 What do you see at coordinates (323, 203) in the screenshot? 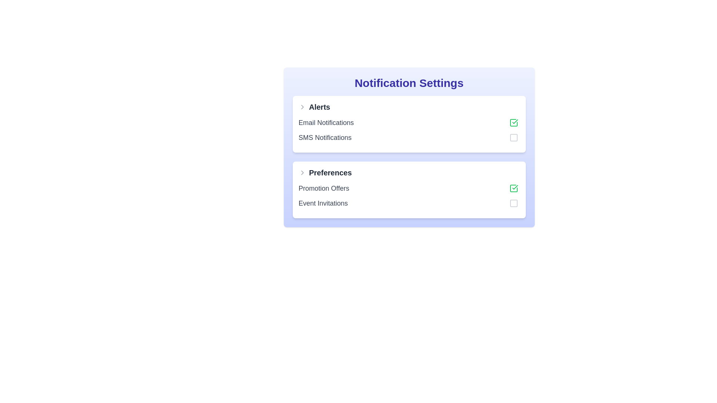
I see `the static text label that reads 'Event Invitations', which is styled with a medium-large gray font and is located under the 'Preferences' section of the 'Notification Settings' interface` at bounding box center [323, 203].